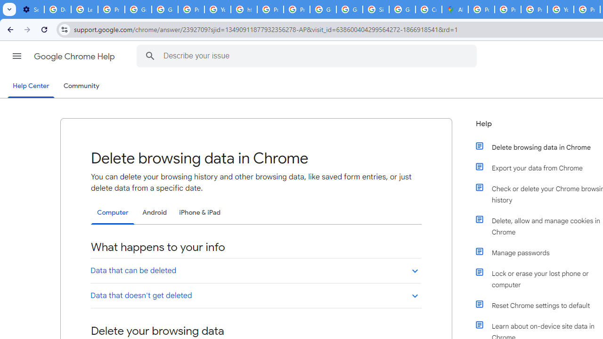 This screenshot has height=339, width=603. Describe the element at coordinates (75, 56) in the screenshot. I see `'Google Chrome Help'` at that location.